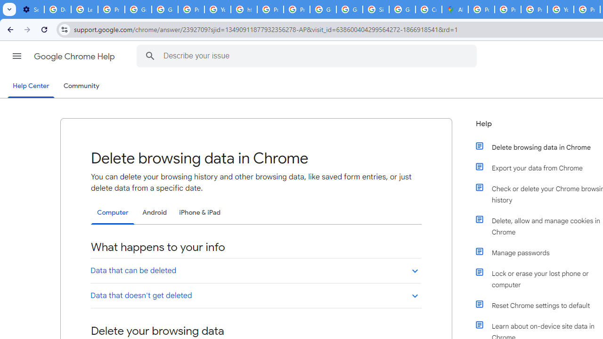 This screenshot has height=339, width=603. Describe the element at coordinates (75, 56) in the screenshot. I see `'Google Chrome Help'` at that location.